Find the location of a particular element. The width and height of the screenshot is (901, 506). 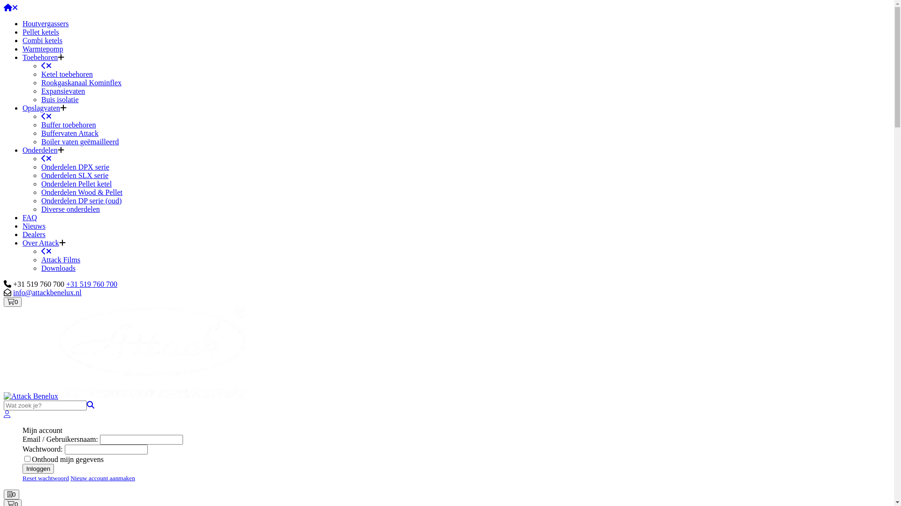

'Buffervaten Attack' is located at coordinates (69, 133).